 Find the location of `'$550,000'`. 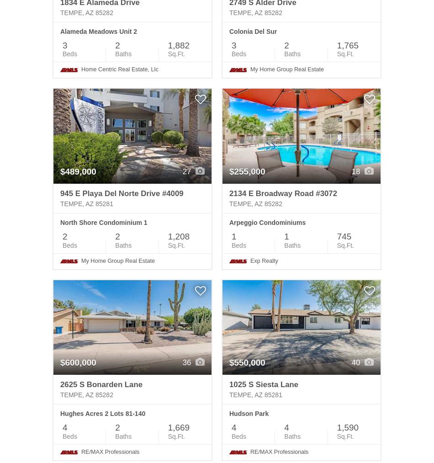

'$550,000' is located at coordinates (247, 362).